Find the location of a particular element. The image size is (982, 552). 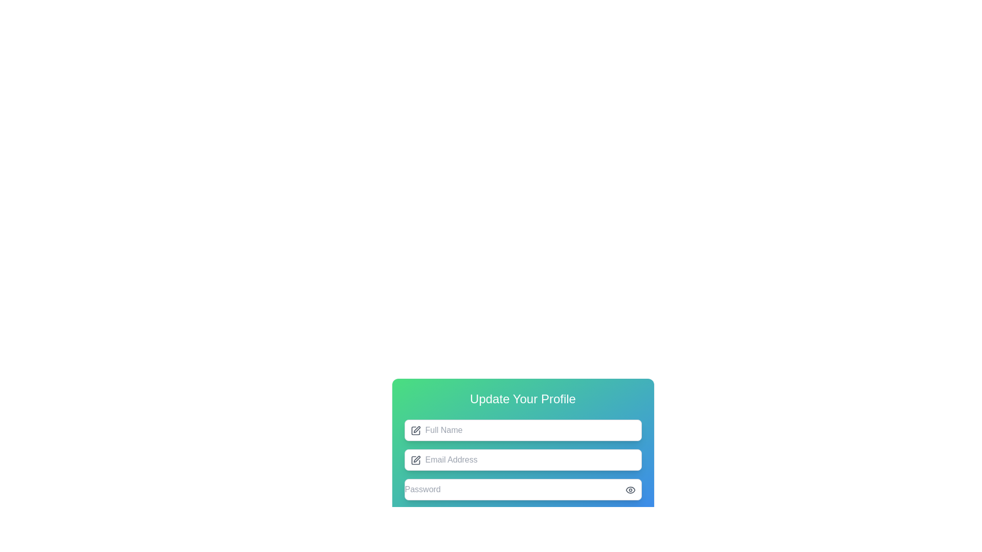

the interactive icon indicator located to the left of the 'Email Address' input field in the 'Update Your Profile' form is located at coordinates (417, 458).